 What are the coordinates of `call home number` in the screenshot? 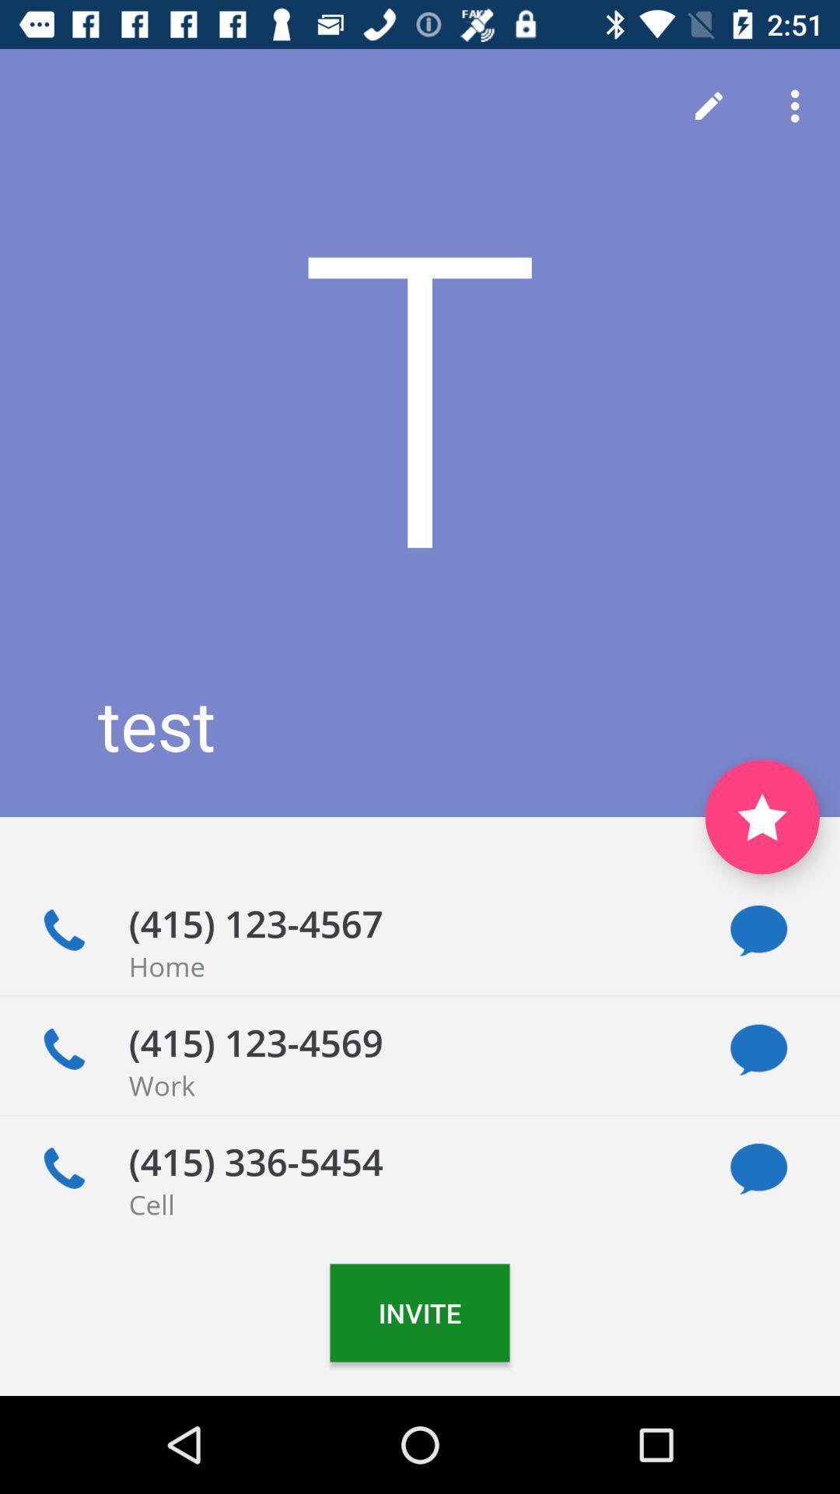 It's located at (63, 931).